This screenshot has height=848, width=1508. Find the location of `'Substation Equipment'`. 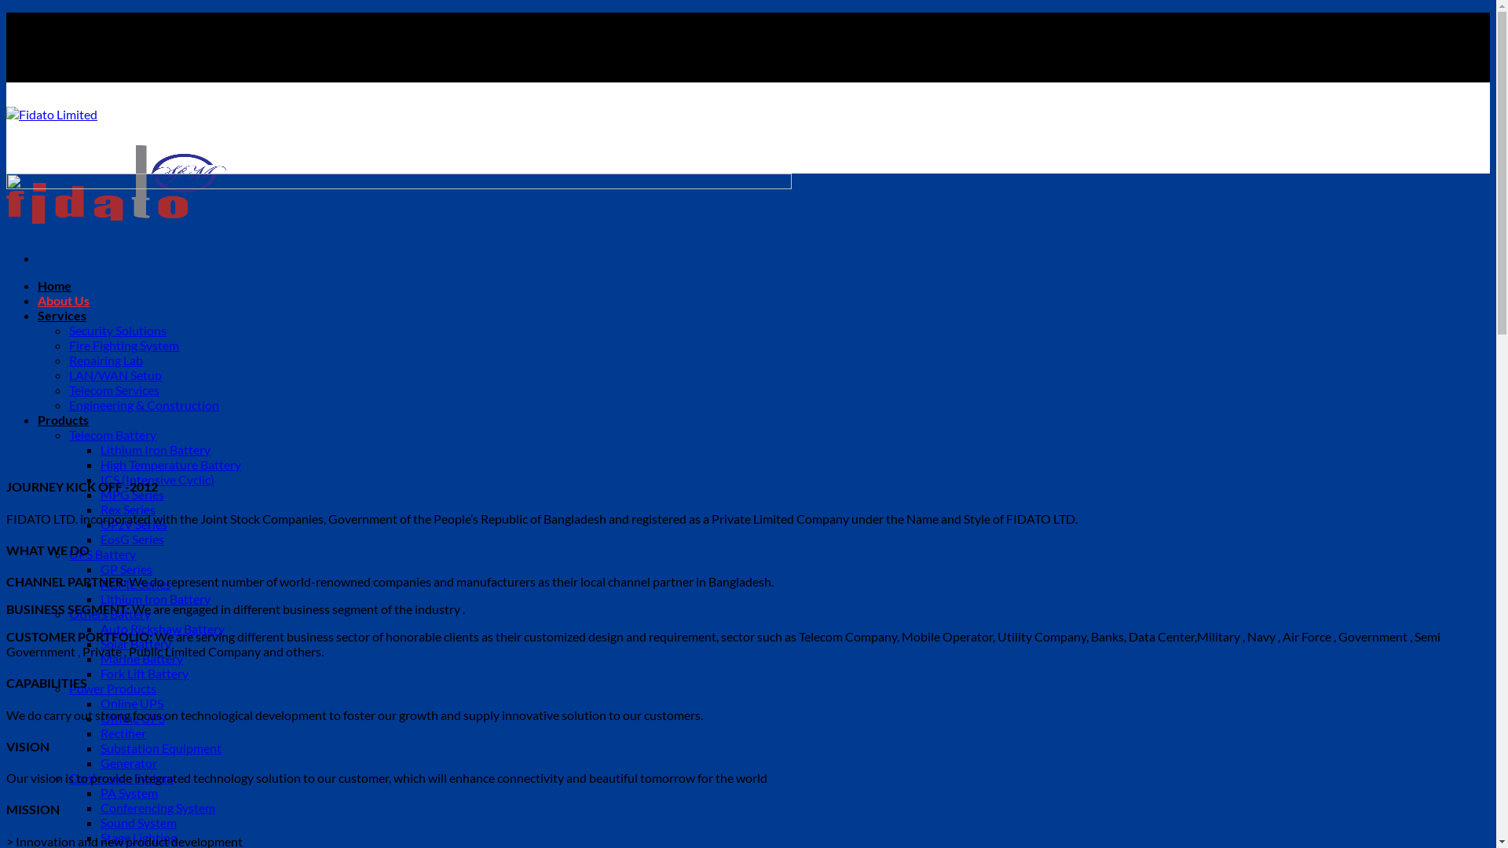

'Substation Equipment' is located at coordinates (161, 747).